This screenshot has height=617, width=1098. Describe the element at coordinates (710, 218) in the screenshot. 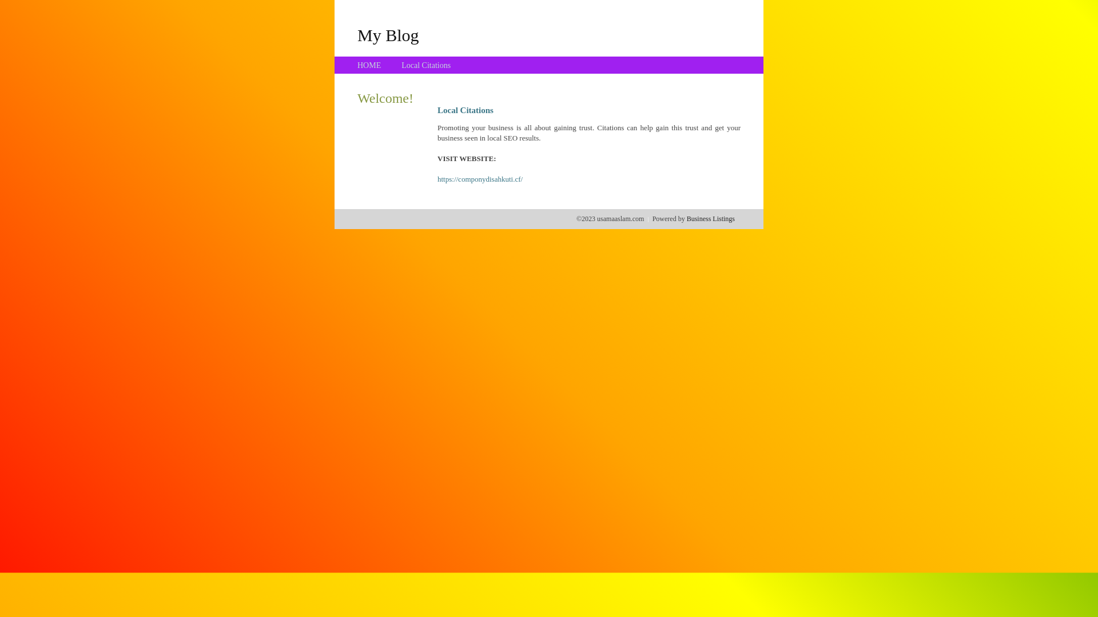

I see `'Business Listings'` at that location.